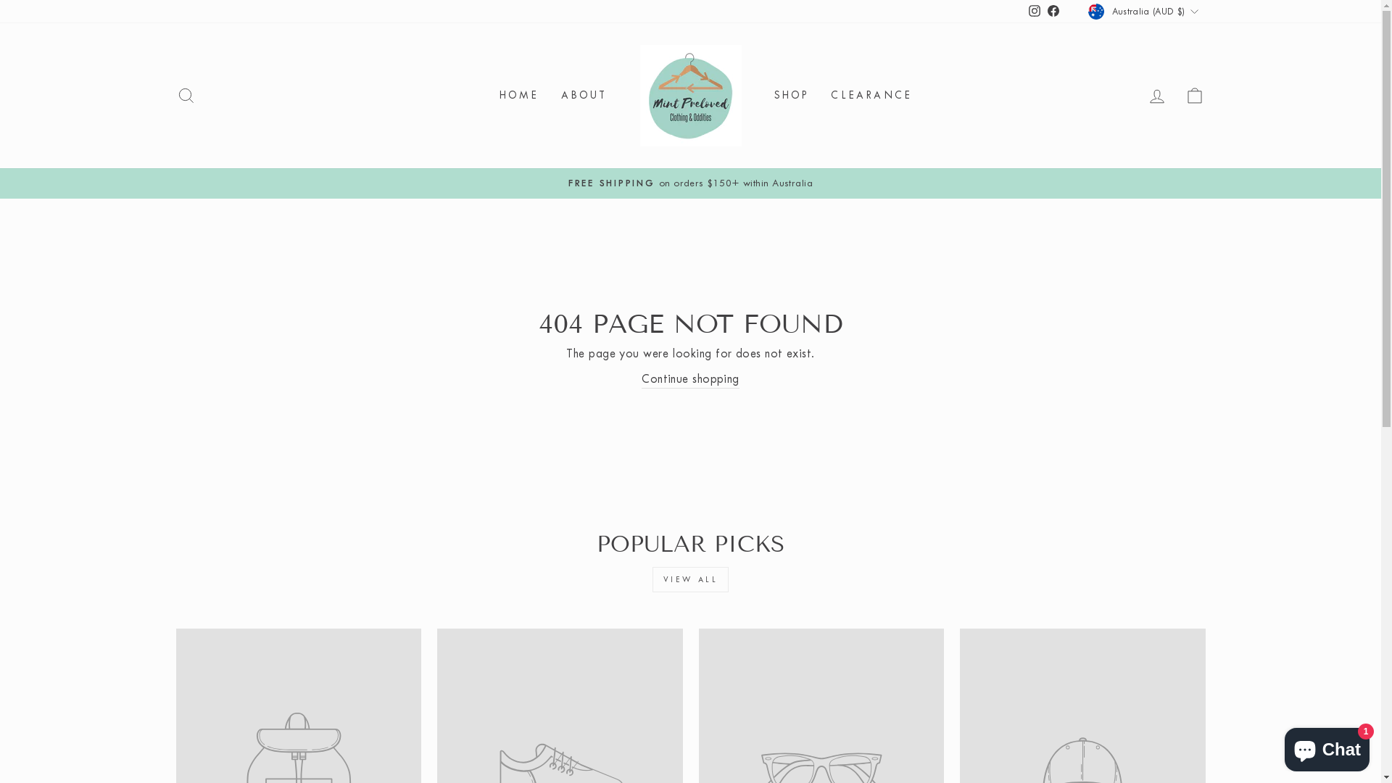 Image resolution: width=1392 pixels, height=783 pixels. I want to click on 'Continue shopping', so click(689, 378).